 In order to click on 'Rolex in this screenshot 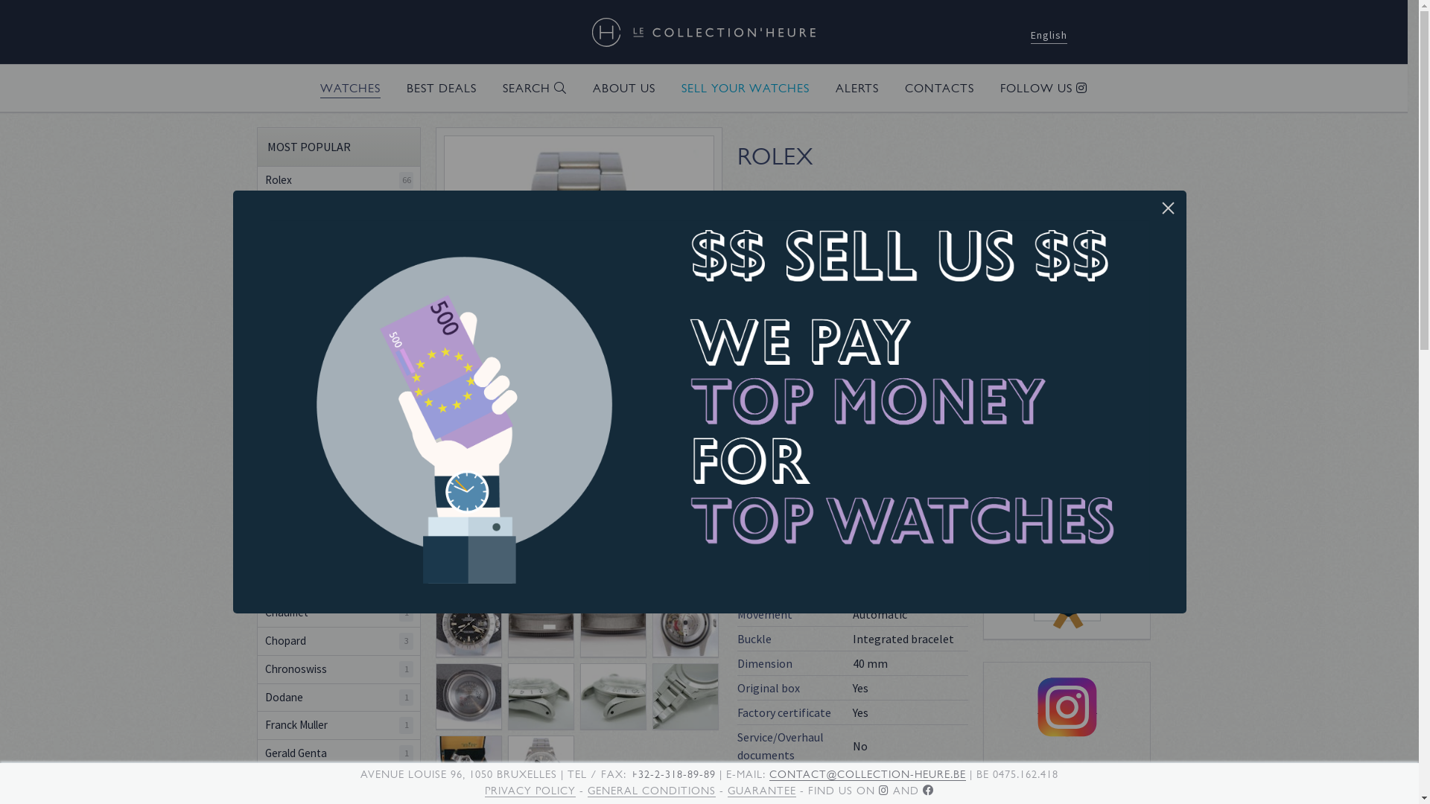, I will do `click(338, 179)`.